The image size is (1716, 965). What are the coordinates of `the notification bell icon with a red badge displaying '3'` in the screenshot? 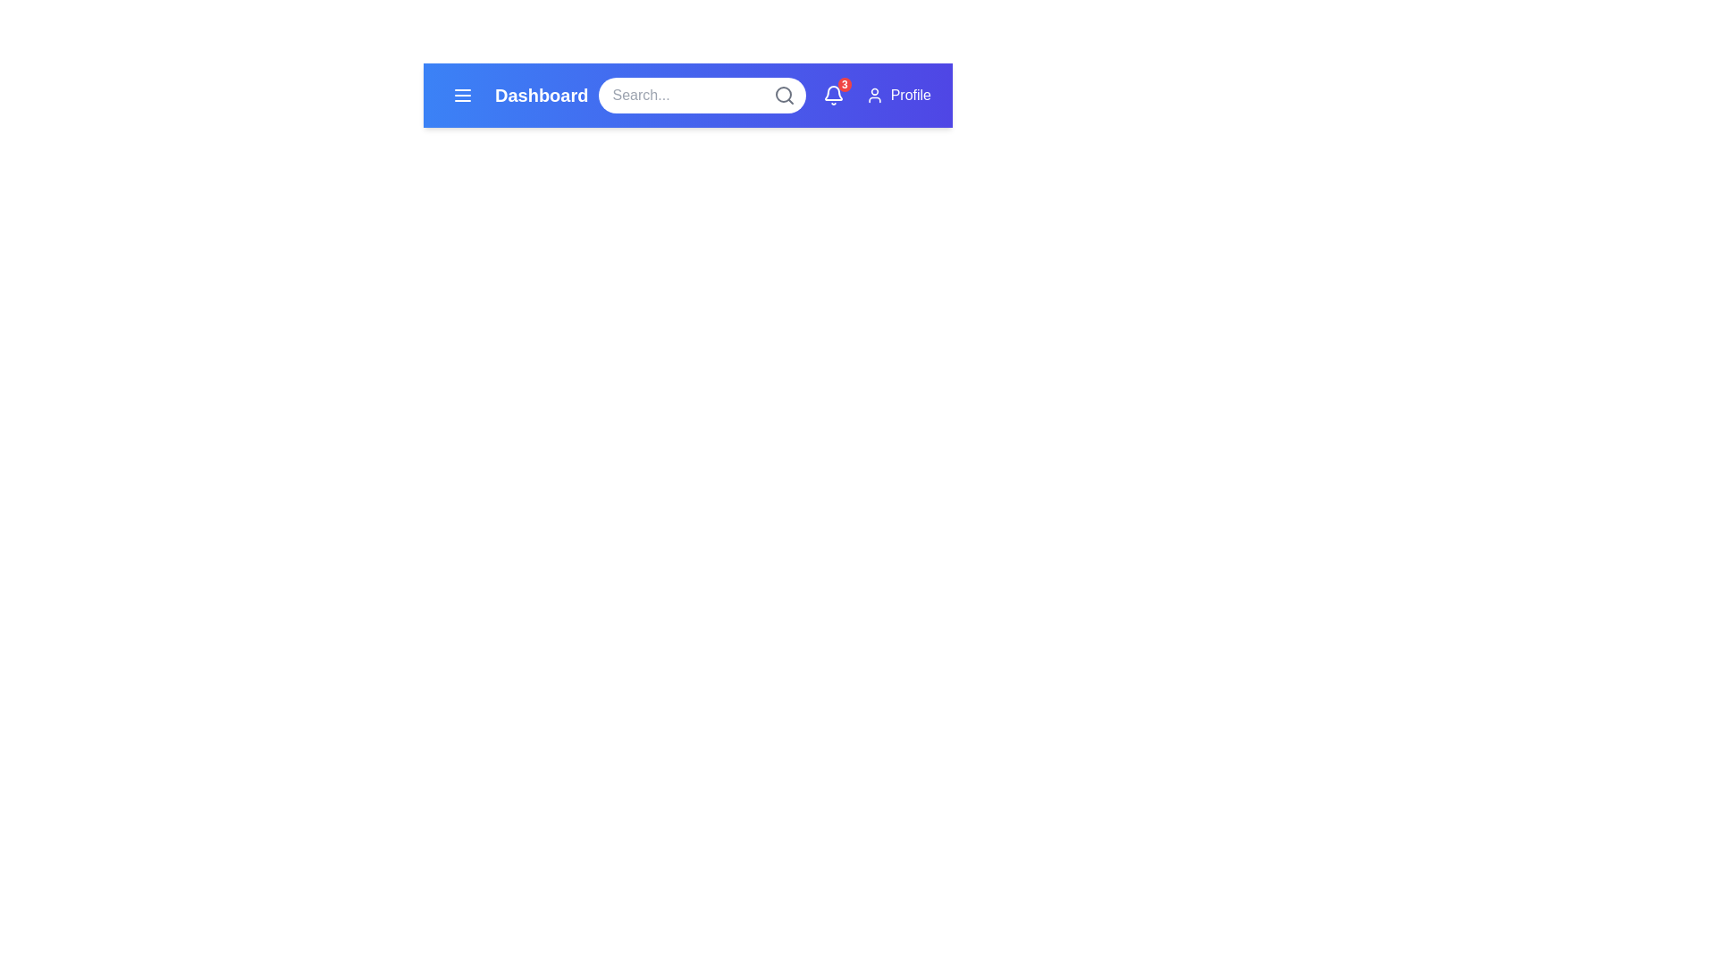 It's located at (832, 96).